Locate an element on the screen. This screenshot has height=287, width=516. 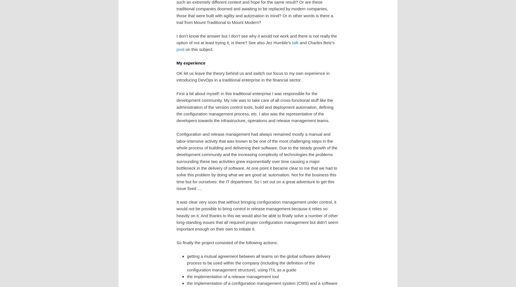
'My experience' is located at coordinates (191, 63).